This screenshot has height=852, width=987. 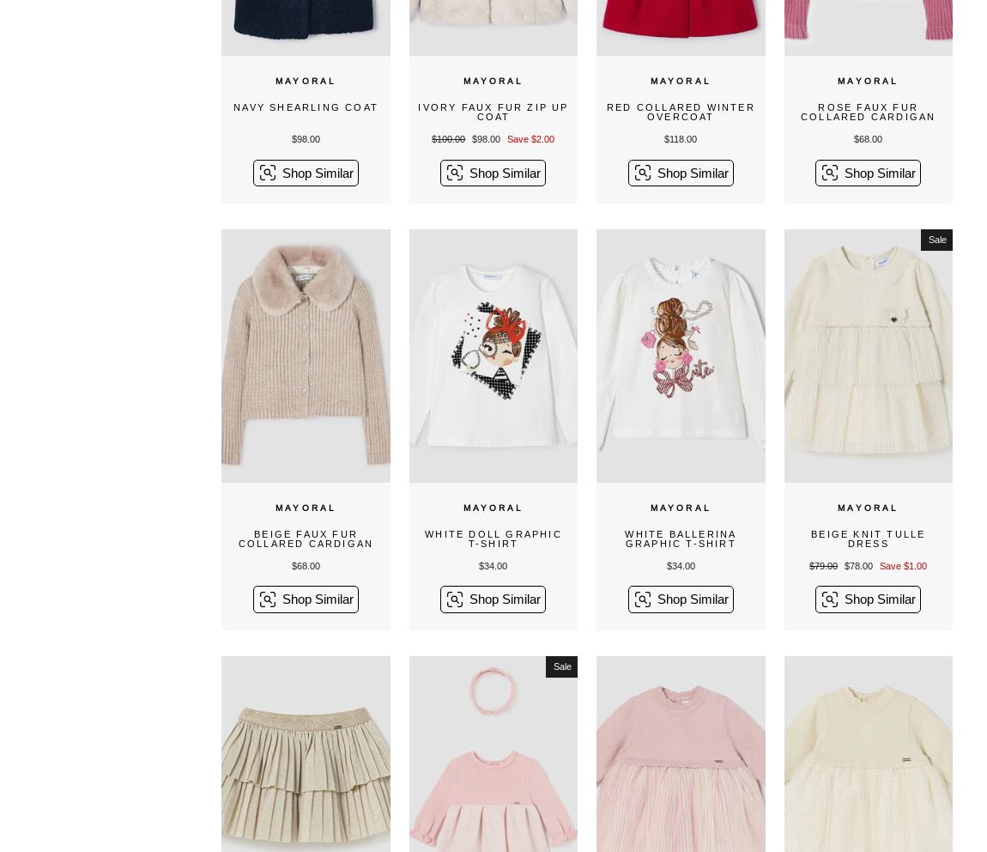 What do you see at coordinates (868, 112) in the screenshot?
I see `'Rose Faux Fur Collared Cardigan'` at bounding box center [868, 112].